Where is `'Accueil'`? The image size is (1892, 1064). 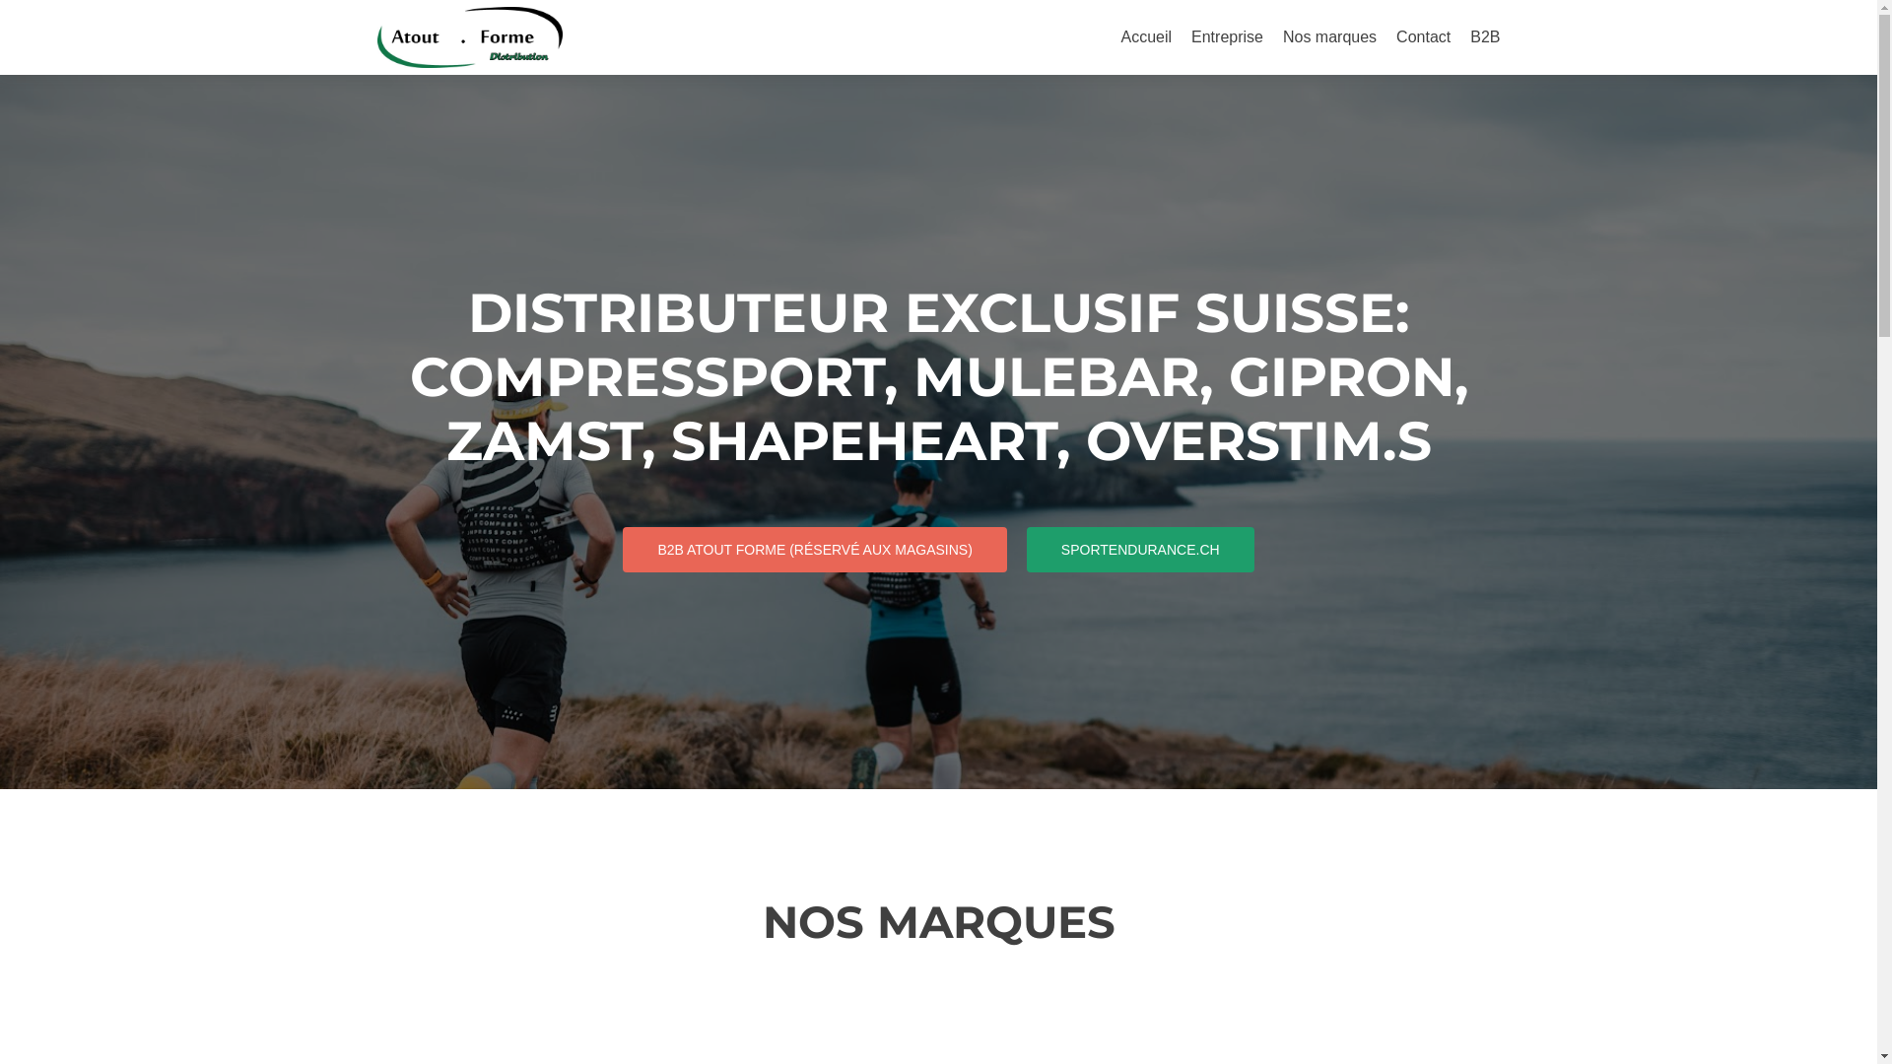 'Accueil' is located at coordinates (1120, 36).